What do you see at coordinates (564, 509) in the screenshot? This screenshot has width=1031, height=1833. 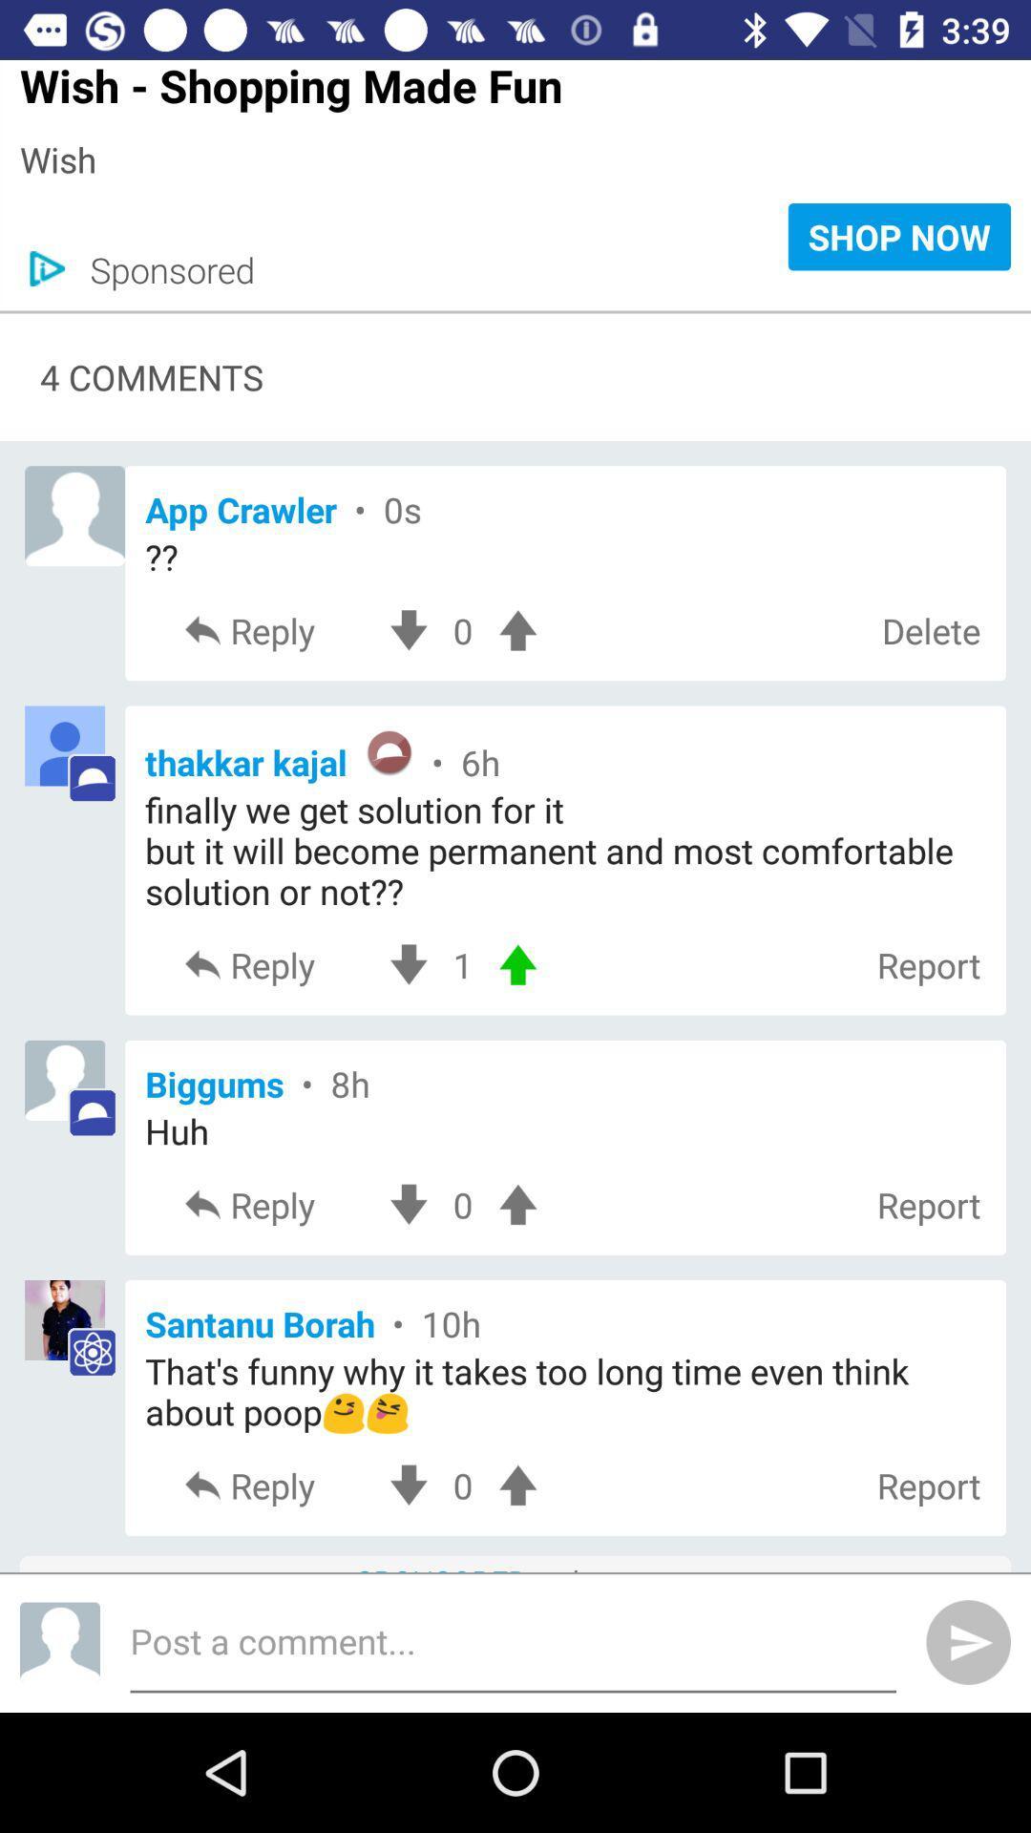 I see `the text app crawler which is right side of the user icon` at bounding box center [564, 509].